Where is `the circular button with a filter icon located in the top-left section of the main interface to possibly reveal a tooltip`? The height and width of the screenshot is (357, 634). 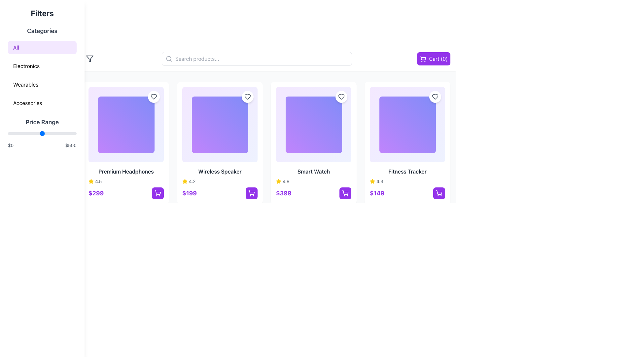
the circular button with a filter icon located in the top-left section of the main interface to possibly reveal a tooltip is located at coordinates (89, 58).